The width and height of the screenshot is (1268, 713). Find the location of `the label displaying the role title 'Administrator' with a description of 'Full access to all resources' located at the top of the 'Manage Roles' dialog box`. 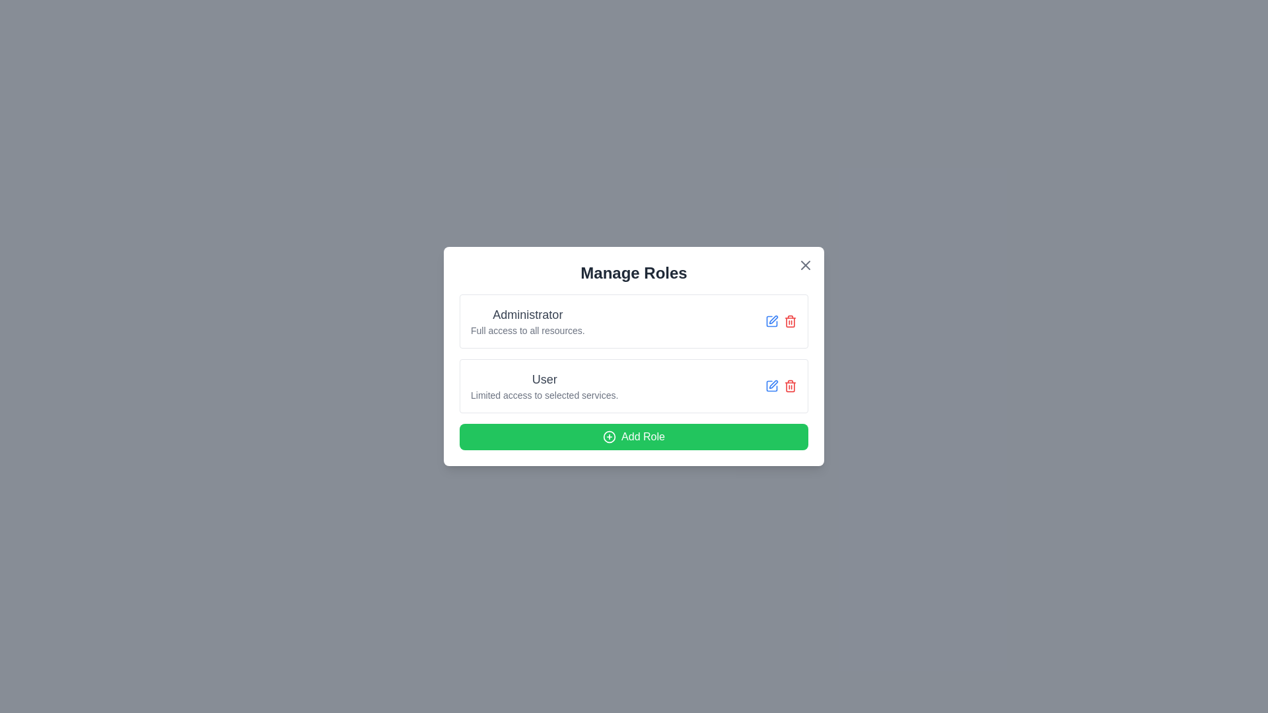

the label displaying the role title 'Administrator' with a description of 'Full access to all resources' located at the top of the 'Manage Roles' dialog box is located at coordinates (527, 321).